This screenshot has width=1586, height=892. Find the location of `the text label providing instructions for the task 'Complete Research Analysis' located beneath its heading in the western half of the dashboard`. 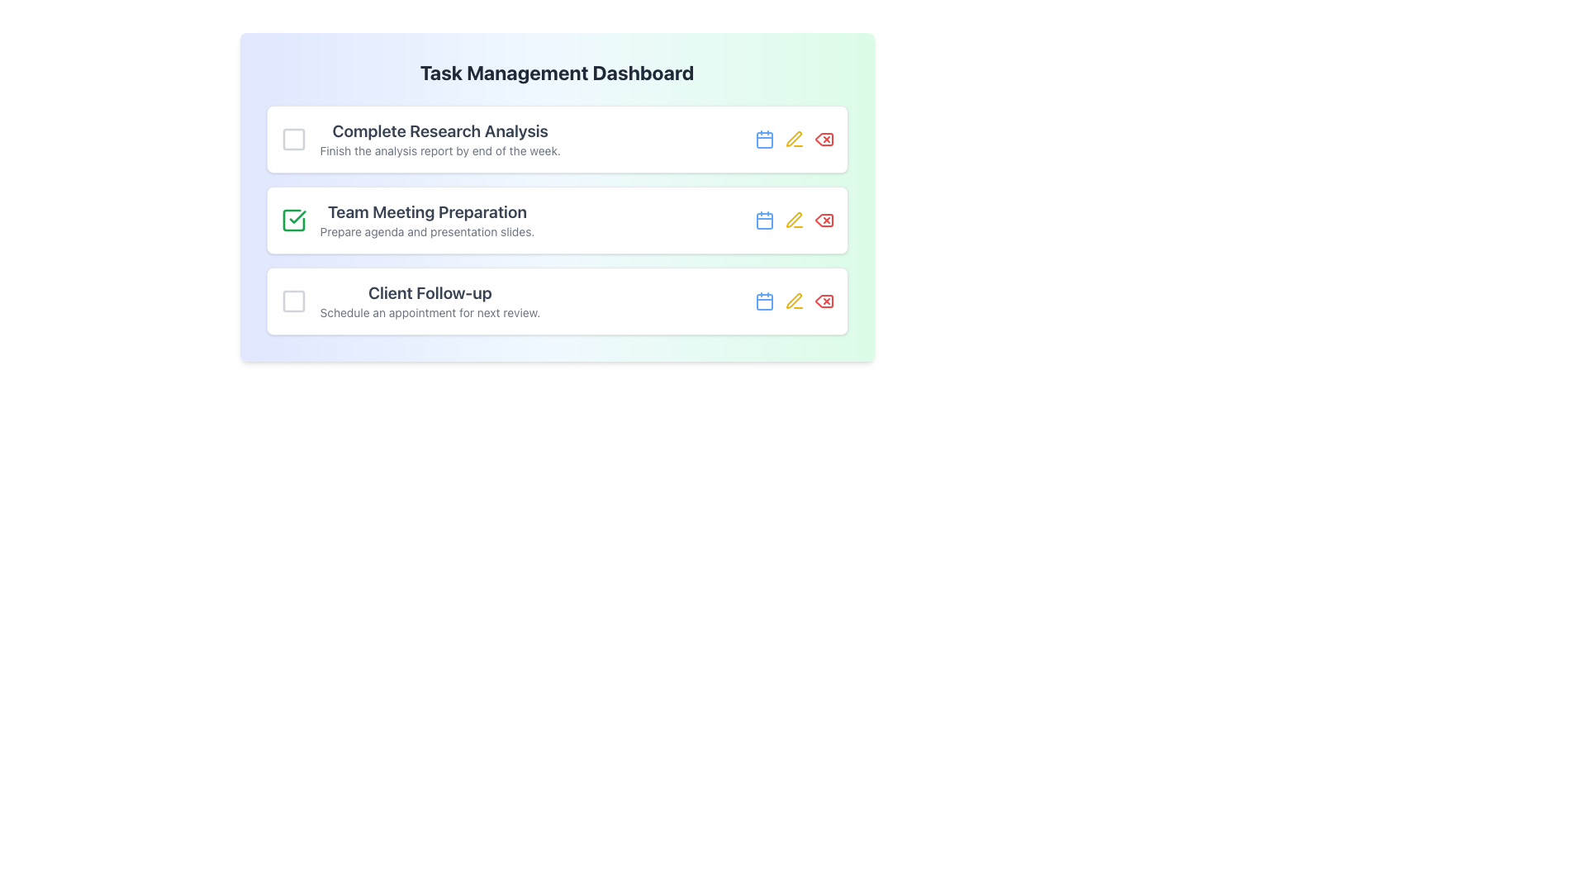

the text label providing instructions for the task 'Complete Research Analysis' located beneath its heading in the western half of the dashboard is located at coordinates (440, 150).